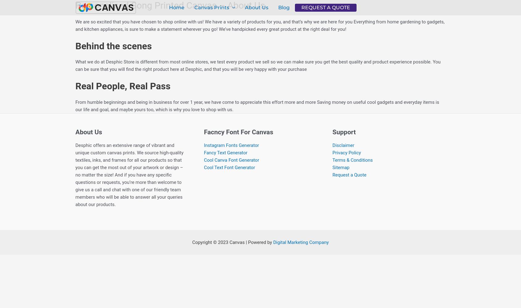 This screenshot has height=308, width=521. I want to click on 'From humble beginnings and being in business for over 1 year, we have come to appreciate this effort more and more Saving money on useful cool gadgets and everyday items is our life and goal, and maybe yours too, which is why you love to shop with us.', so click(257, 105).